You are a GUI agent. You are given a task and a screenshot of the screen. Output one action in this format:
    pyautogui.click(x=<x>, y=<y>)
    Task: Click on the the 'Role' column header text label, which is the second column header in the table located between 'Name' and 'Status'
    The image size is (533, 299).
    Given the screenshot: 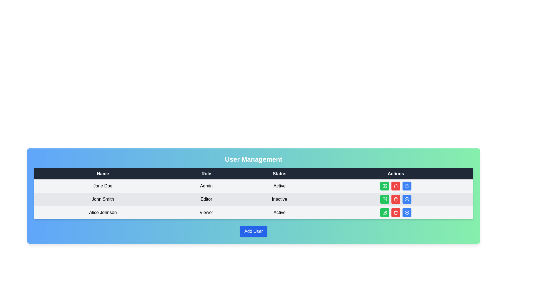 What is the action you would take?
    pyautogui.click(x=206, y=174)
    